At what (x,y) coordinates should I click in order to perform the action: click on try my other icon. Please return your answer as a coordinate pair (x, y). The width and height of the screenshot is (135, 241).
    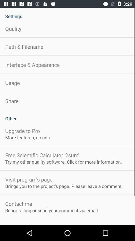
    Looking at the image, I should click on (63, 161).